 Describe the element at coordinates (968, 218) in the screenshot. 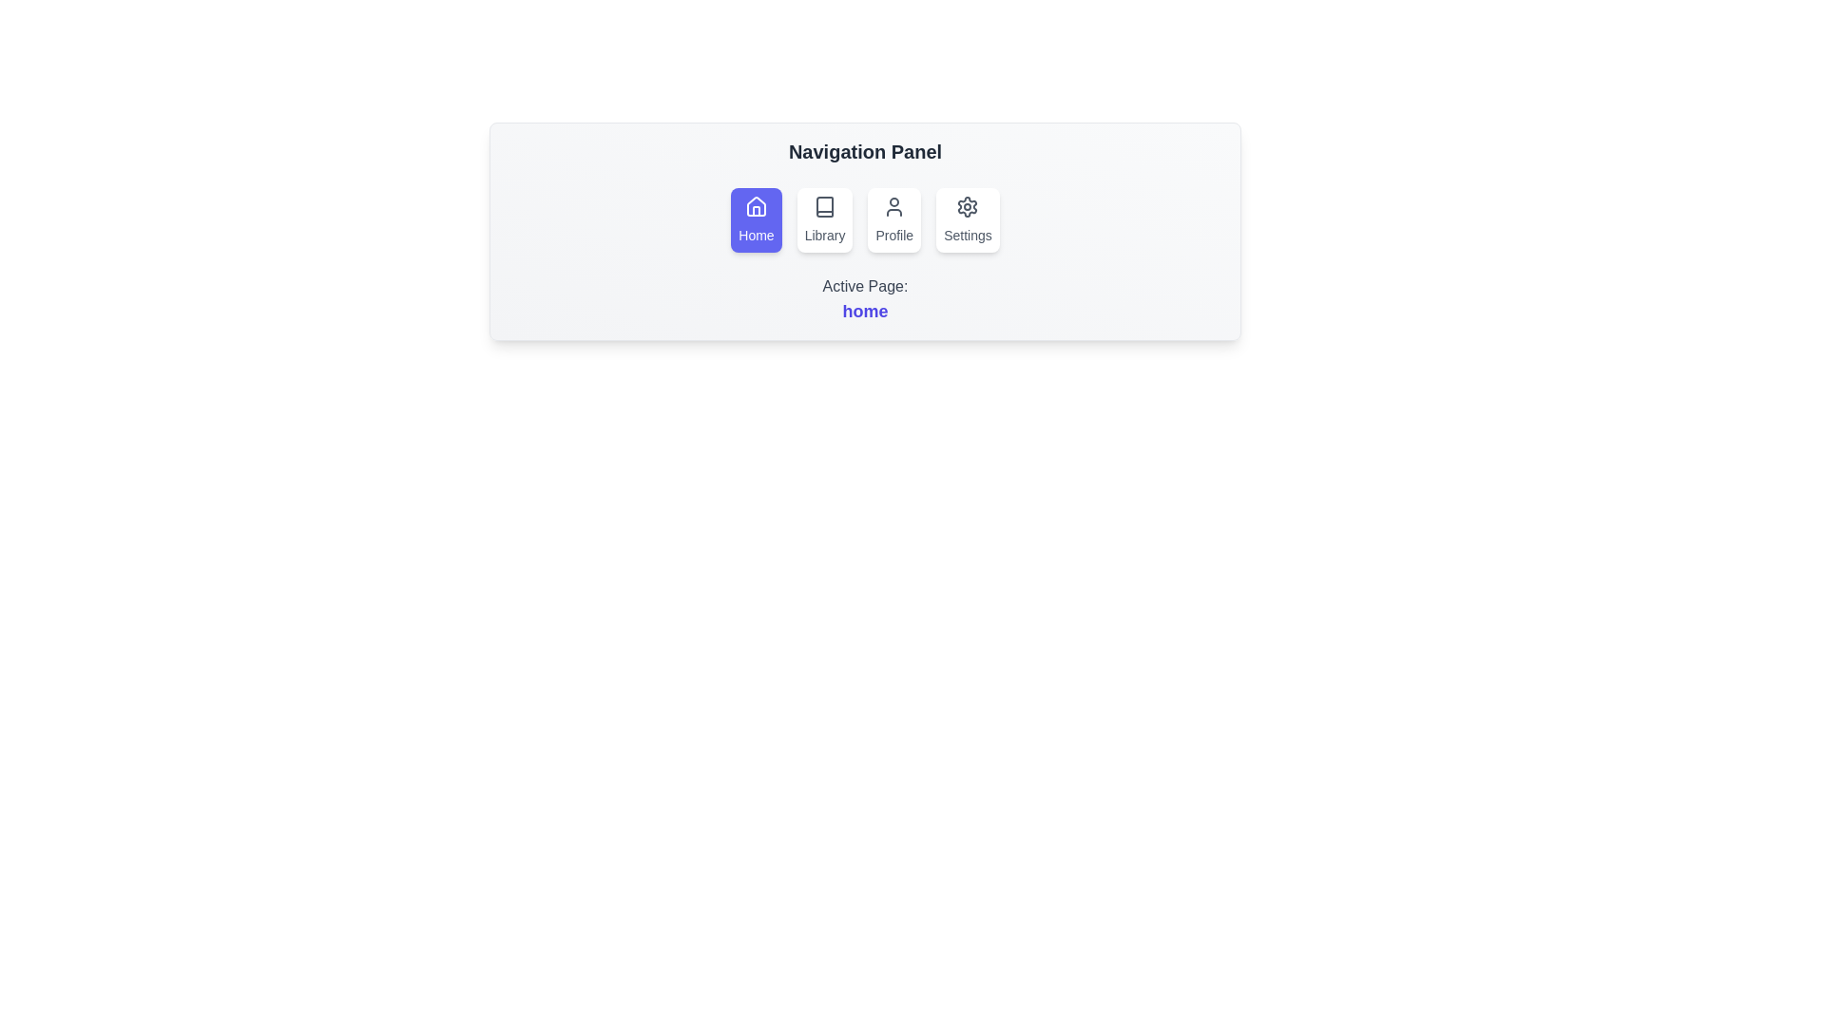

I see `the 'Settings' button, which is the fourth navigation item in the navigation bar` at that location.